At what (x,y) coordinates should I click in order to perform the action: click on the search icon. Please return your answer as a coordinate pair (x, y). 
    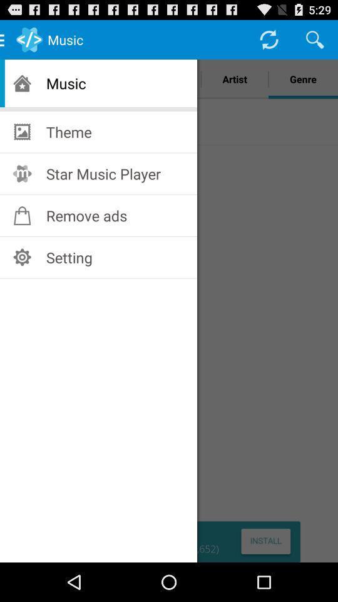
    Looking at the image, I should click on (314, 42).